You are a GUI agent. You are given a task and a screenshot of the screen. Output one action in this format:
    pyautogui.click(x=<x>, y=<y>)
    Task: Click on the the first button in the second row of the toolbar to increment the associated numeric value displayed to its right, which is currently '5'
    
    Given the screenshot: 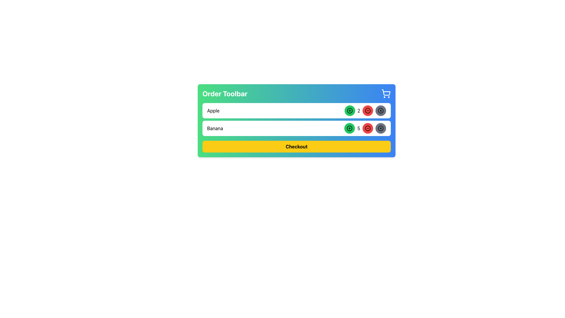 What is the action you would take?
    pyautogui.click(x=350, y=128)
    